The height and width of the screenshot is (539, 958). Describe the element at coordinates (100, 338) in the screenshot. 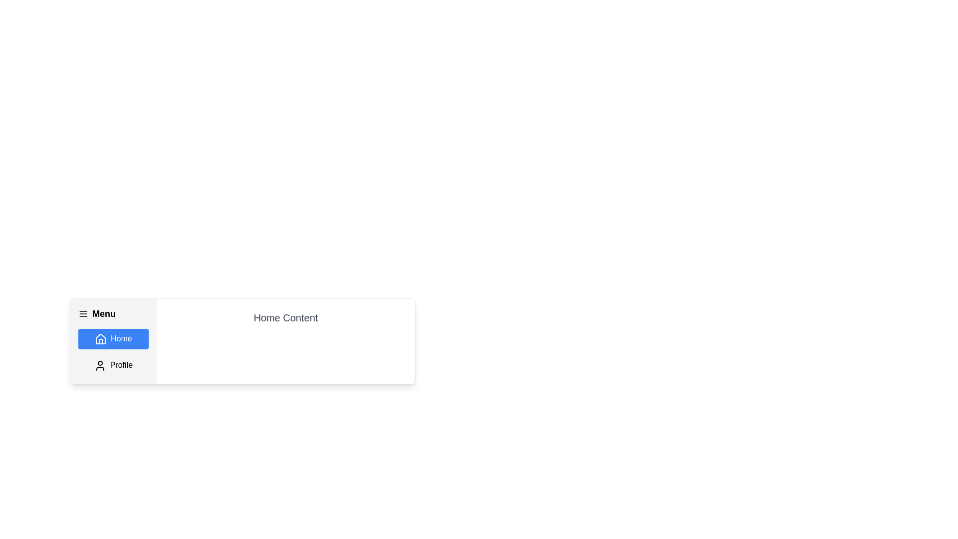

I see `the home icon, which is a small house-shaped icon located to the left of the 'Home' text in the sidebar menu` at that location.